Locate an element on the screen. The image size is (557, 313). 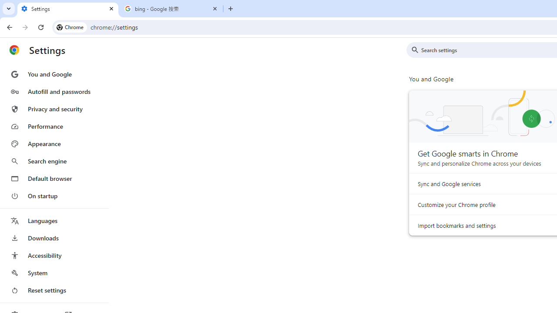
'On startup' is located at coordinates (54, 196).